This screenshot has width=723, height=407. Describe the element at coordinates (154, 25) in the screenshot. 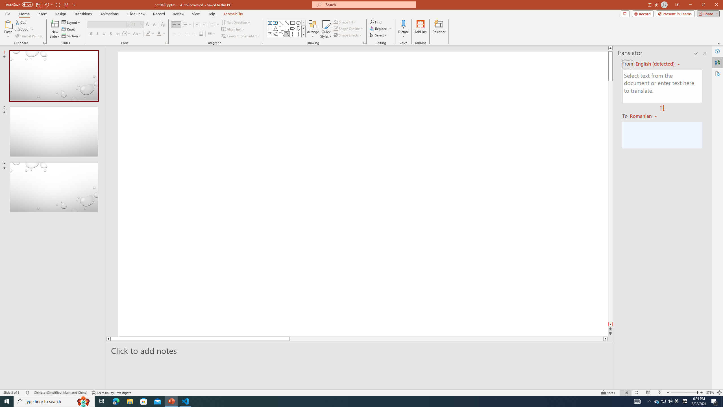

I see `'Decrease Font Size'` at that location.